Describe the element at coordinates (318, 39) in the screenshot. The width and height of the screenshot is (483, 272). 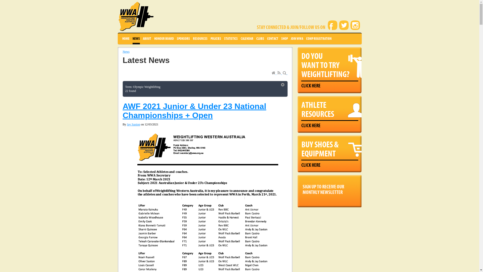
I see `'COMP REGISTRATION'` at that location.